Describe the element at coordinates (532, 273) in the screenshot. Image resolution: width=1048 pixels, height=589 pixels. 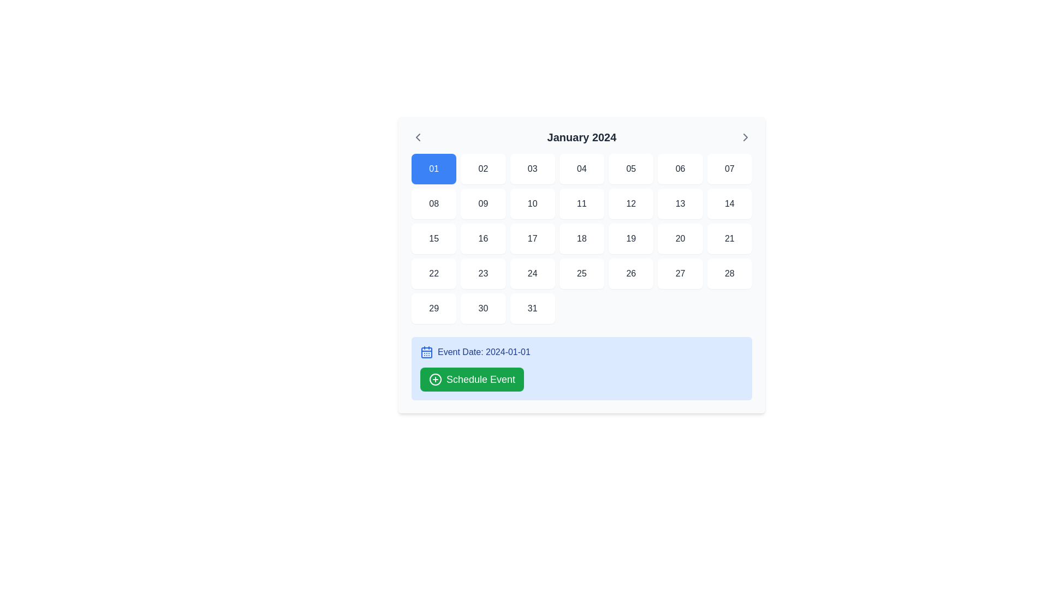
I see `the button displaying the number '24'` at that location.